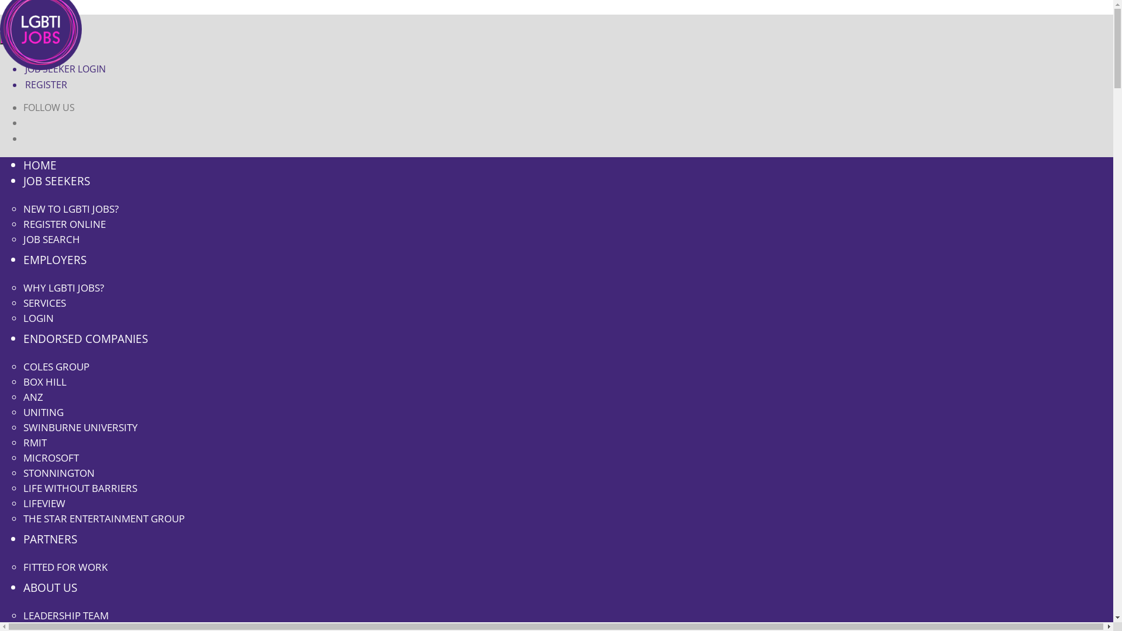 The height and width of the screenshot is (631, 1122). Describe the element at coordinates (45, 84) in the screenshot. I see `'REGISTER'` at that location.